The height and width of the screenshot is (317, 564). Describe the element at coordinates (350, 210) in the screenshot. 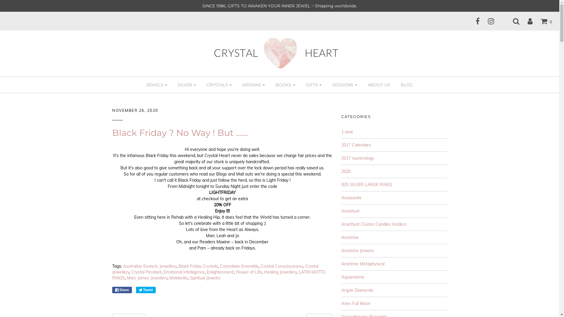

I see `'Amethyst'` at that location.